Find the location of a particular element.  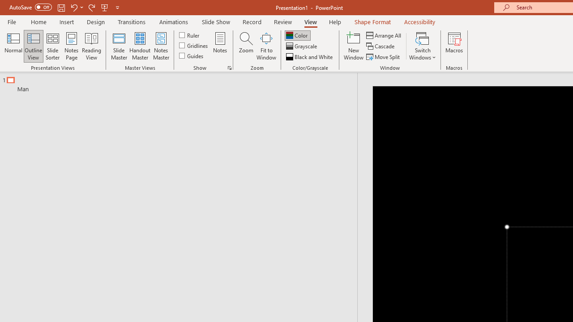

'Notes Master' is located at coordinates (161, 46).